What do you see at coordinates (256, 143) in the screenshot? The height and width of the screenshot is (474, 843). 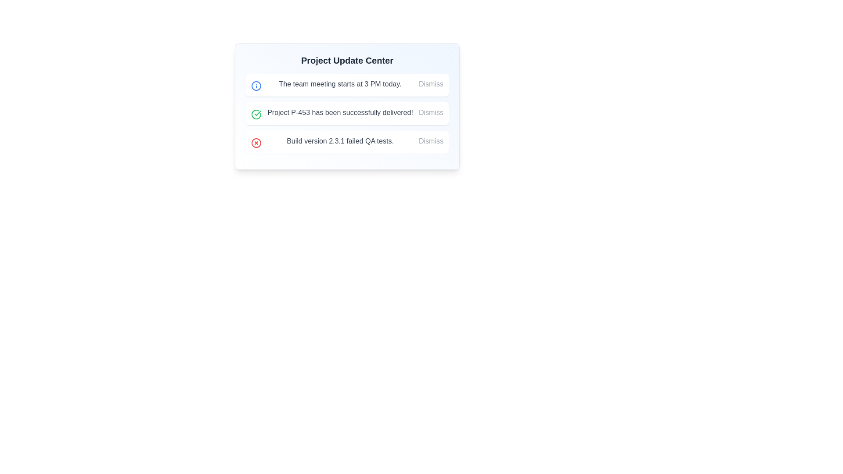 I see `the error icon located at the leftmost part of the third line in the 'Project Update Center' notification card` at bounding box center [256, 143].